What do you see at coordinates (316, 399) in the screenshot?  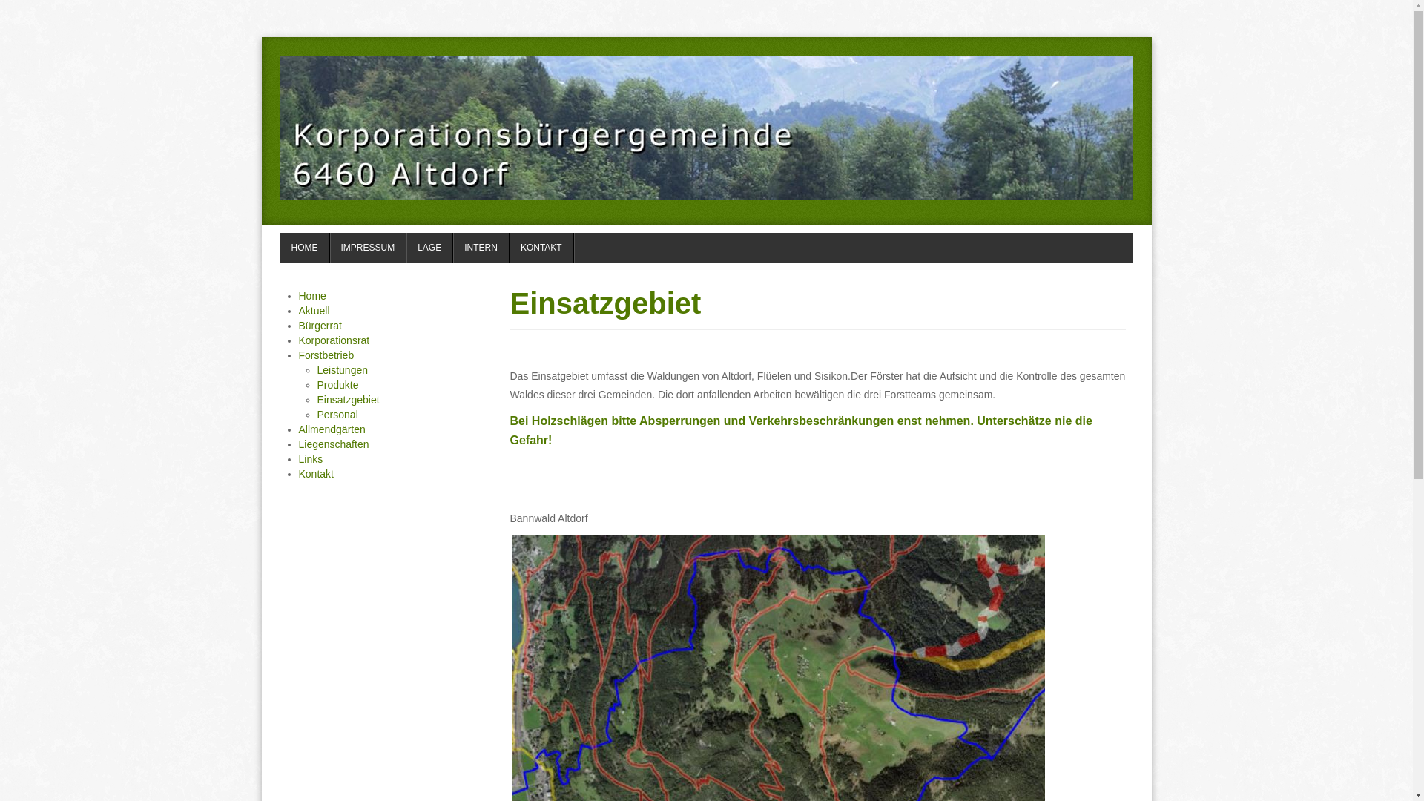 I see `'Einsatzgebiet'` at bounding box center [316, 399].